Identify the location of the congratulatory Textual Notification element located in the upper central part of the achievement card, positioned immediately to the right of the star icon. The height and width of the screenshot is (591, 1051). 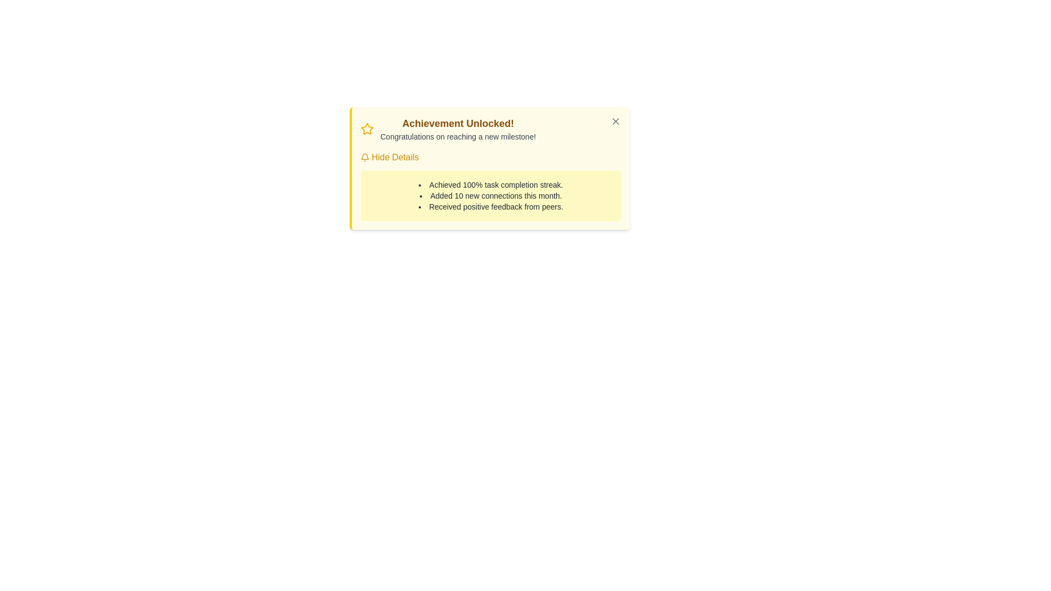
(458, 128).